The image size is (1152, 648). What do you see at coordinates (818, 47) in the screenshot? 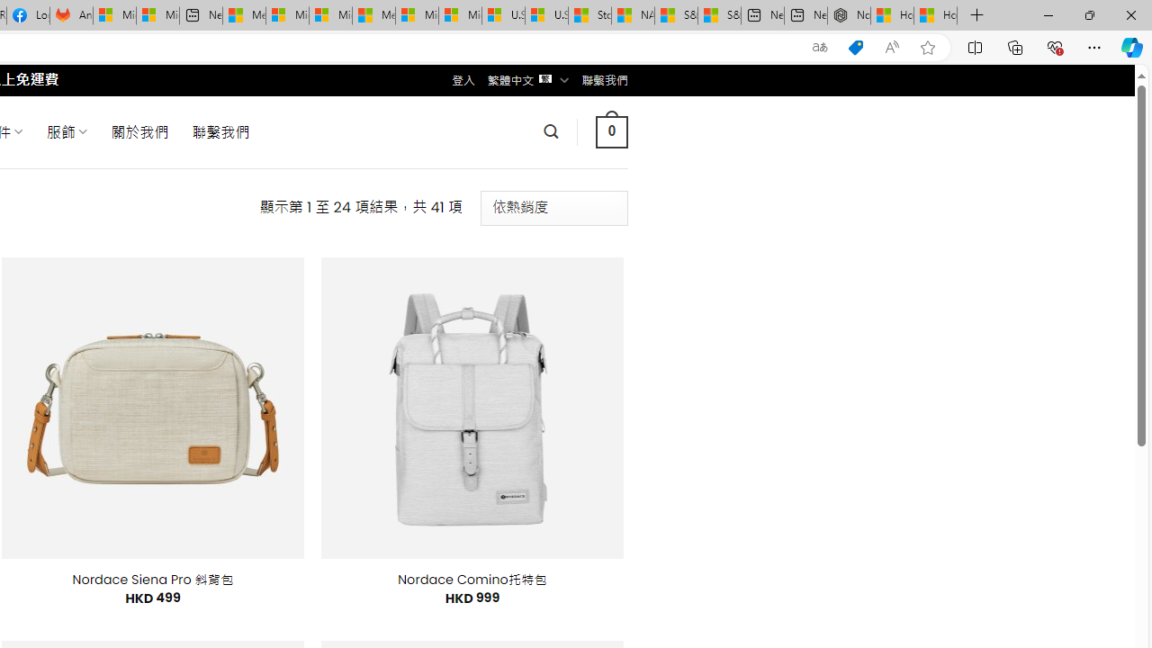
I see `'Show translate options'` at bounding box center [818, 47].